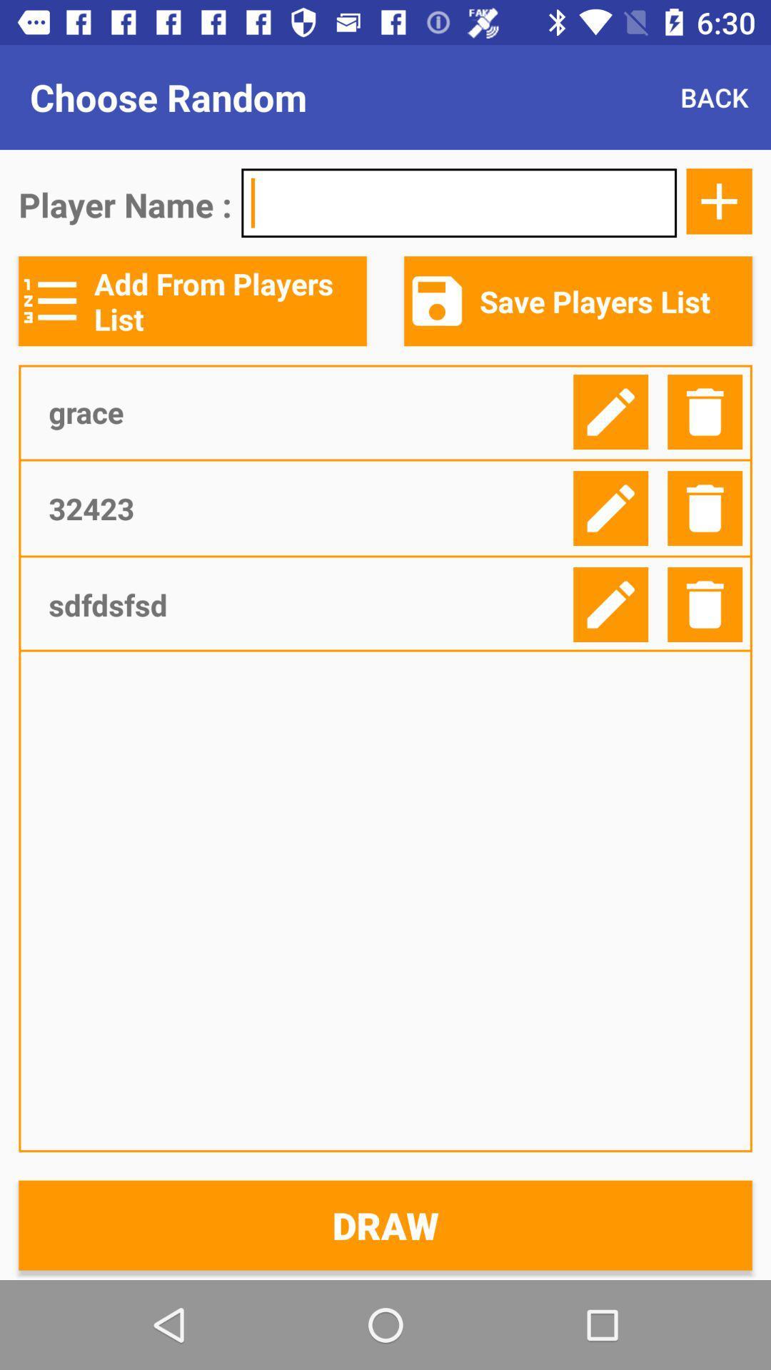  I want to click on the item above 32423, so click(305, 411).